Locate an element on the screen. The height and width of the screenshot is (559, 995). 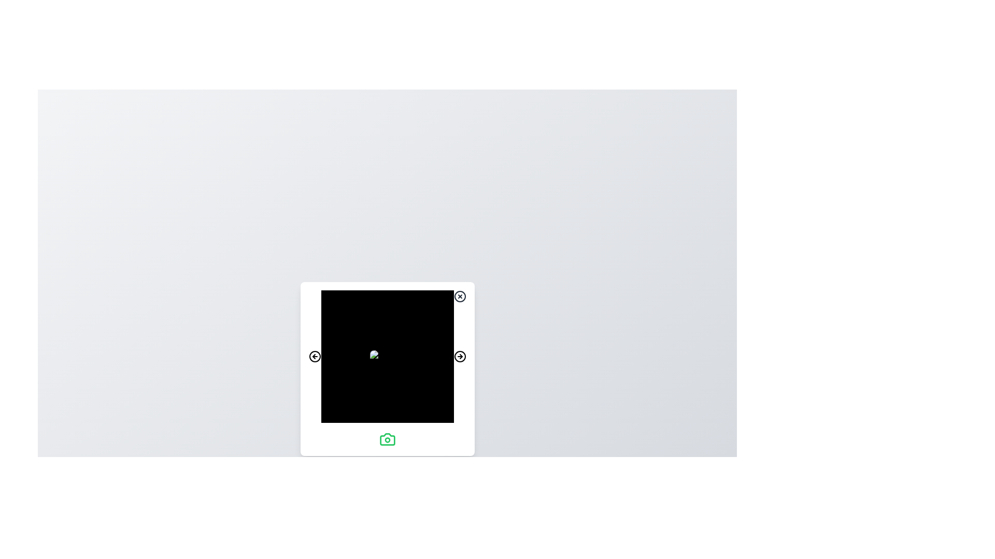
the circle with a thin black outline located at the top-right corner of the square-shaped group, which is centered at the bottom part of the interface is located at coordinates (459, 297).